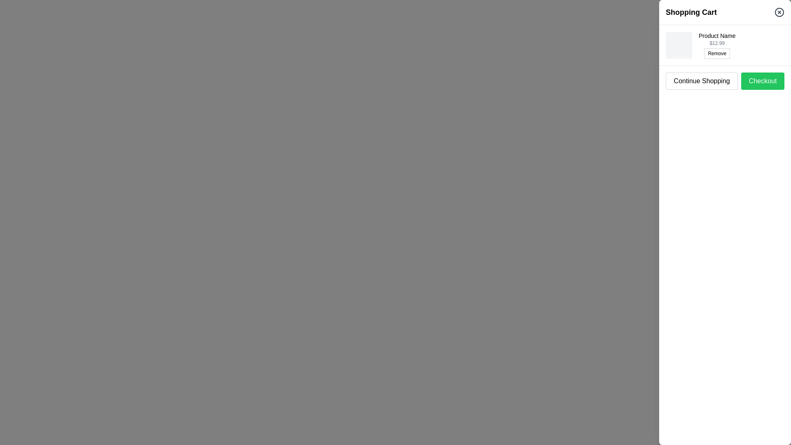 The height and width of the screenshot is (445, 791). I want to click on the circular icon button with a stylized 'X' symbol located in the top-right corner of the 'Shopping Cart' header, so click(779, 12).